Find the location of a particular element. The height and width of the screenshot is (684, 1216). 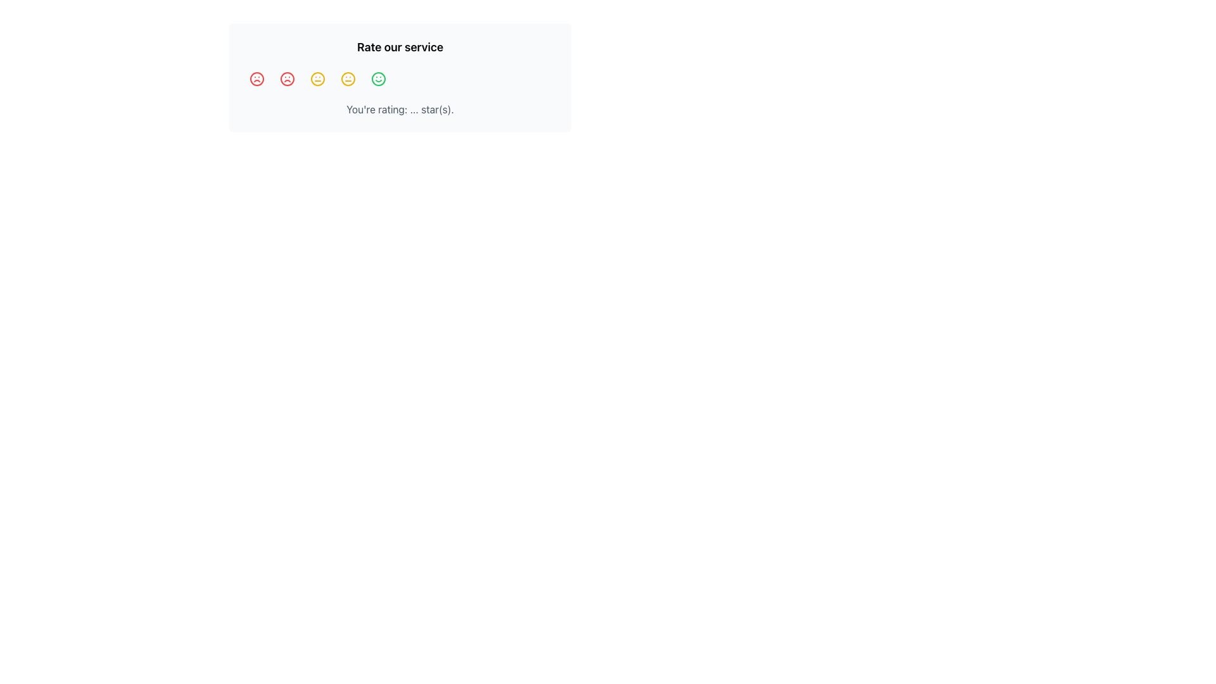

the SVG circle element that represents the 'neutral' rating option, which is the base circle of the third icon in a horizontal set of five emoji-like symbols, located slightly below the heading 'Rate our service' is located at coordinates (348, 79).